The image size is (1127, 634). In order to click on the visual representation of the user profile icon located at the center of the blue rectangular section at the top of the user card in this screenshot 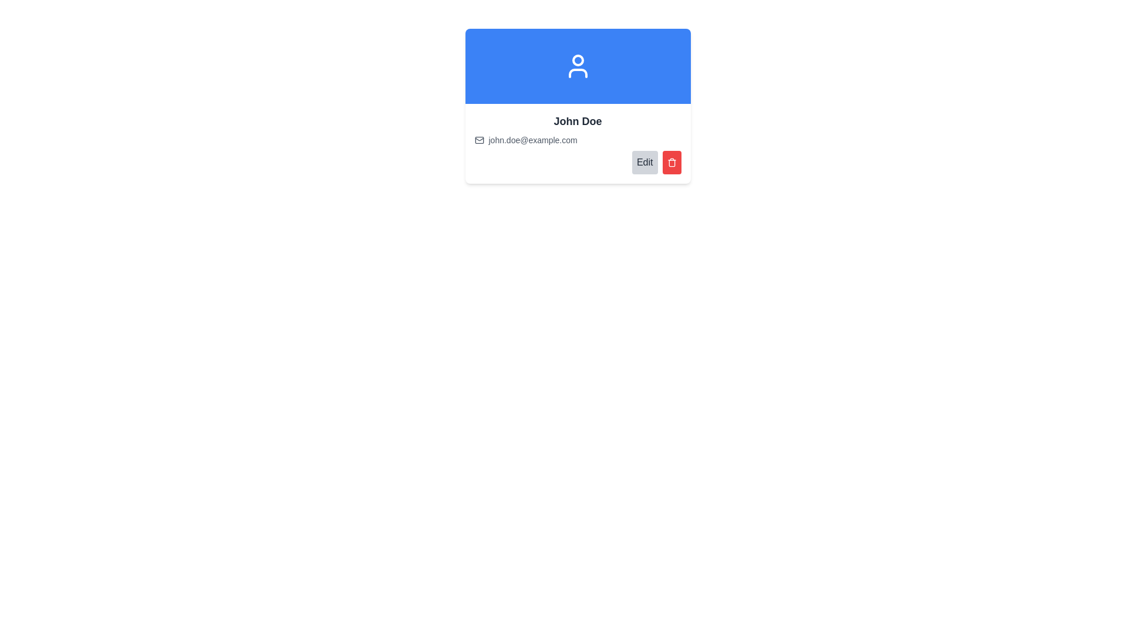, I will do `click(578, 66)`.